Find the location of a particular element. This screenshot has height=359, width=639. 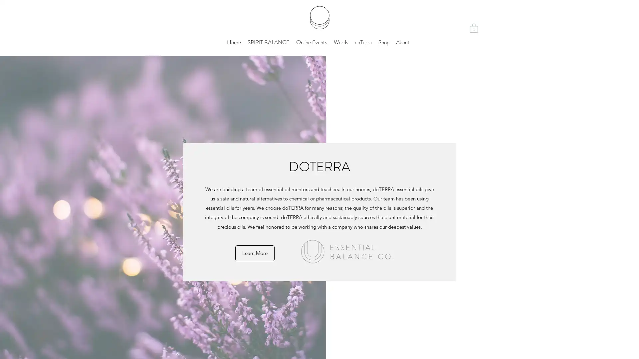

Cart with 0 items is located at coordinates (474, 27).